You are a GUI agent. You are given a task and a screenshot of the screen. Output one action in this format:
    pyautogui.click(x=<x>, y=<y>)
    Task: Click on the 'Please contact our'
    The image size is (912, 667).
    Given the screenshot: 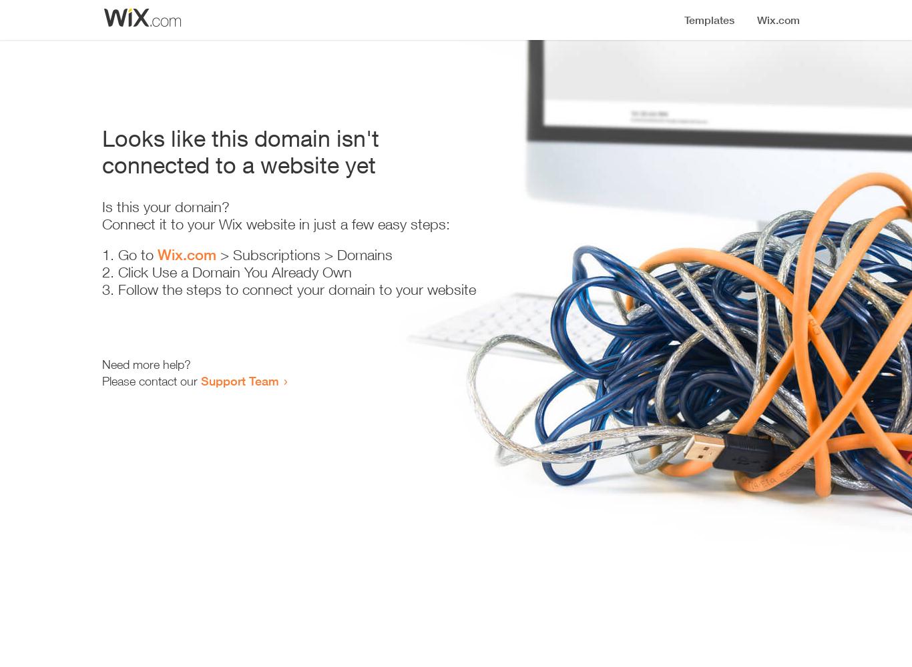 What is the action you would take?
    pyautogui.click(x=151, y=380)
    